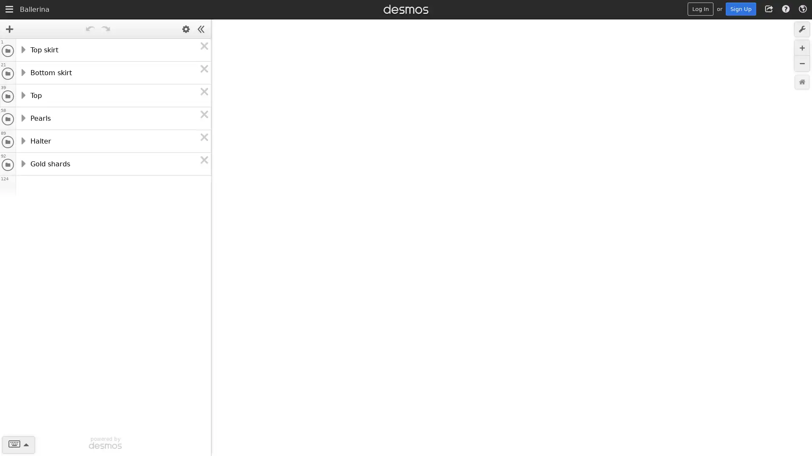  Describe the element at coordinates (8, 50) in the screenshot. I see `Hide Folder` at that location.